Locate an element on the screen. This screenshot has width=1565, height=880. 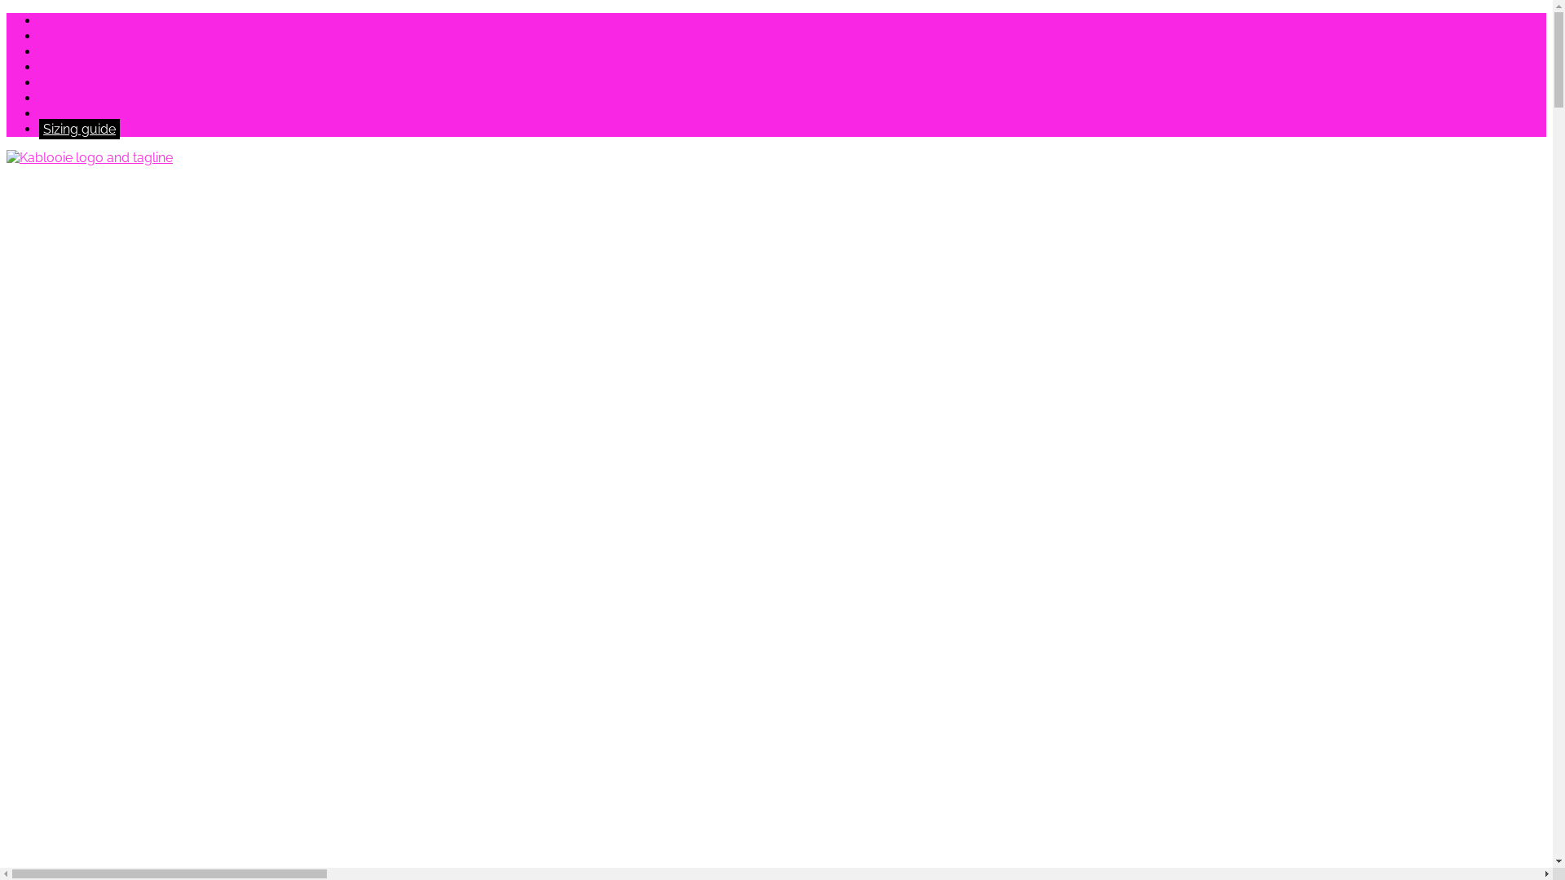
'About' is located at coordinates (39, 36).